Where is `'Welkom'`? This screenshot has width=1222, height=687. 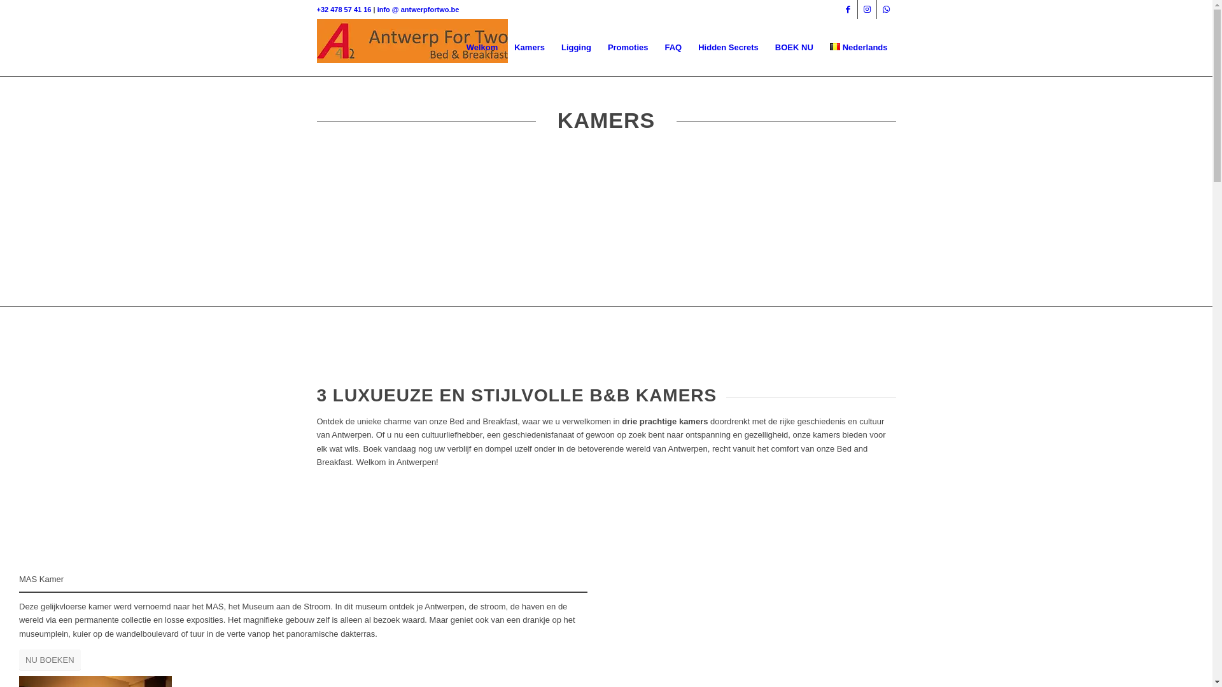
'Welkom' is located at coordinates (482, 46).